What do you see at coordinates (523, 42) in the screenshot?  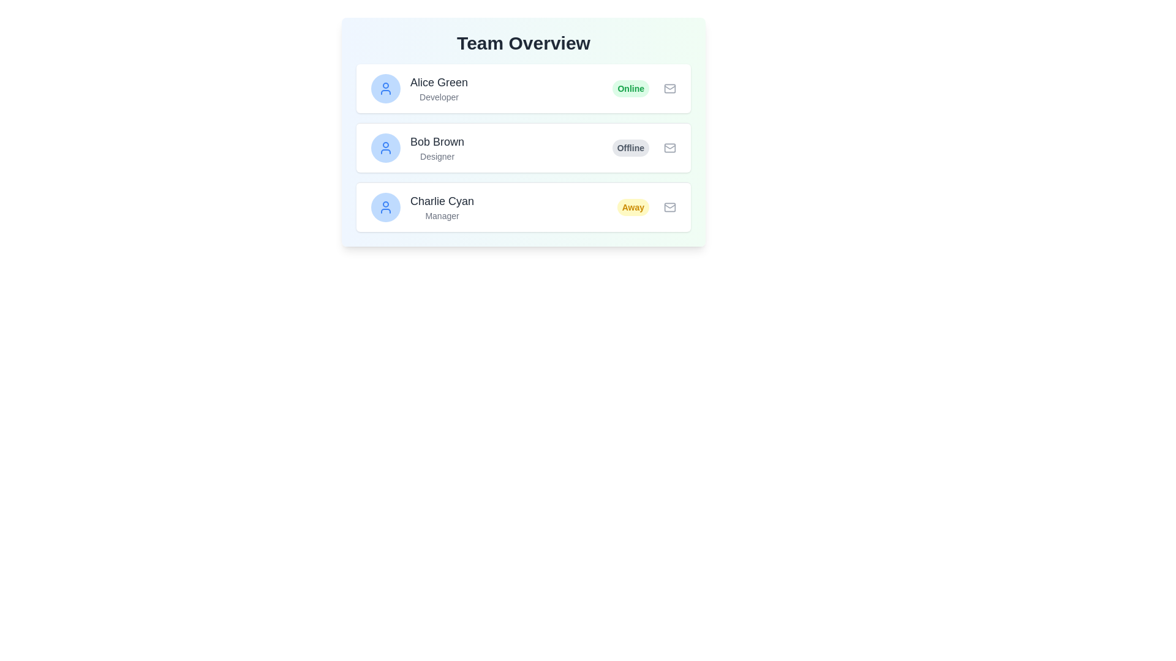 I see `prominently displayed title labeled 'Team Overview' at the top-center of its section` at bounding box center [523, 42].